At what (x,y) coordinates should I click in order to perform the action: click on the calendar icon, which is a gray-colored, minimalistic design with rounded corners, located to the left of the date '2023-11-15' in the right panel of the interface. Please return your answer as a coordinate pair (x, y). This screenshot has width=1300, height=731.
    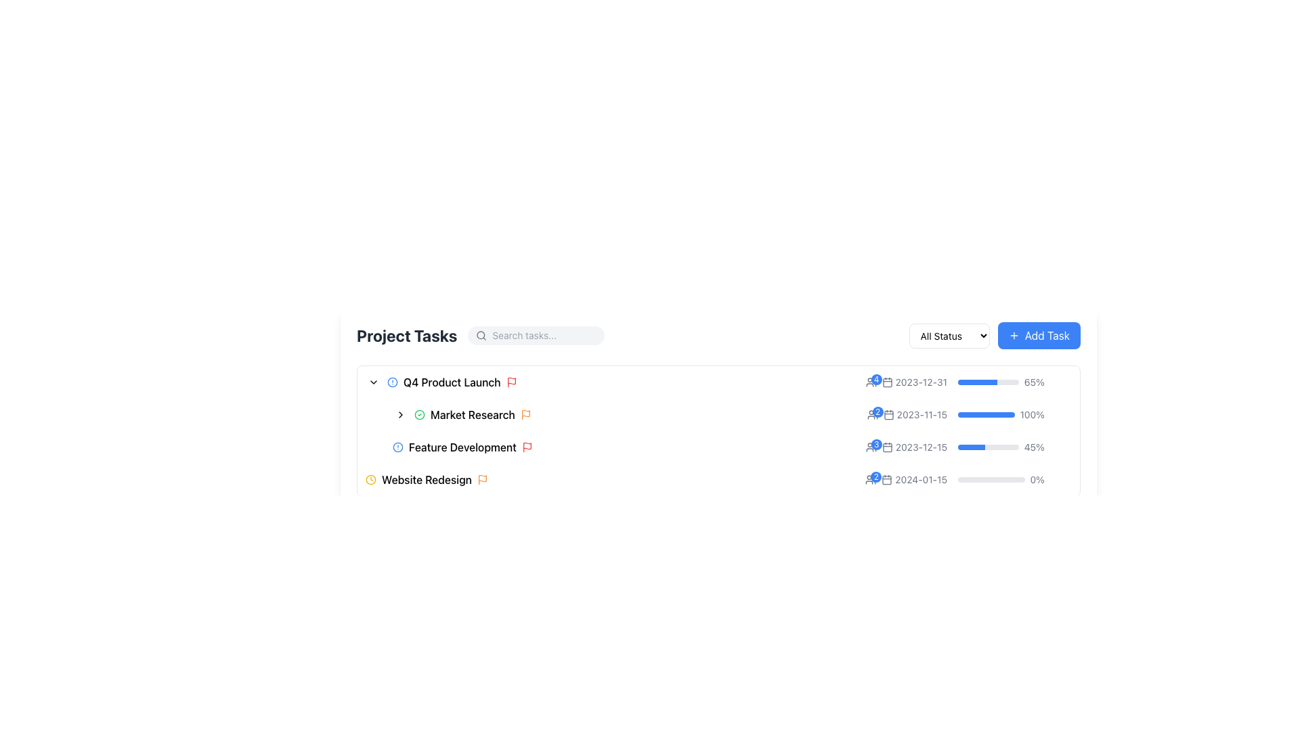
    Looking at the image, I should click on (888, 414).